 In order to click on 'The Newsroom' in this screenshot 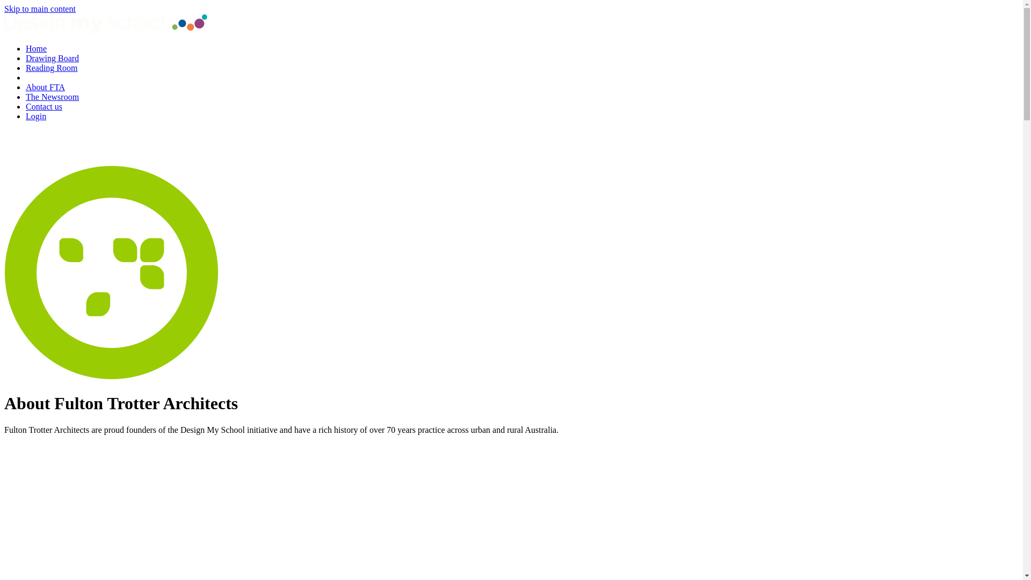, I will do `click(52, 97)`.